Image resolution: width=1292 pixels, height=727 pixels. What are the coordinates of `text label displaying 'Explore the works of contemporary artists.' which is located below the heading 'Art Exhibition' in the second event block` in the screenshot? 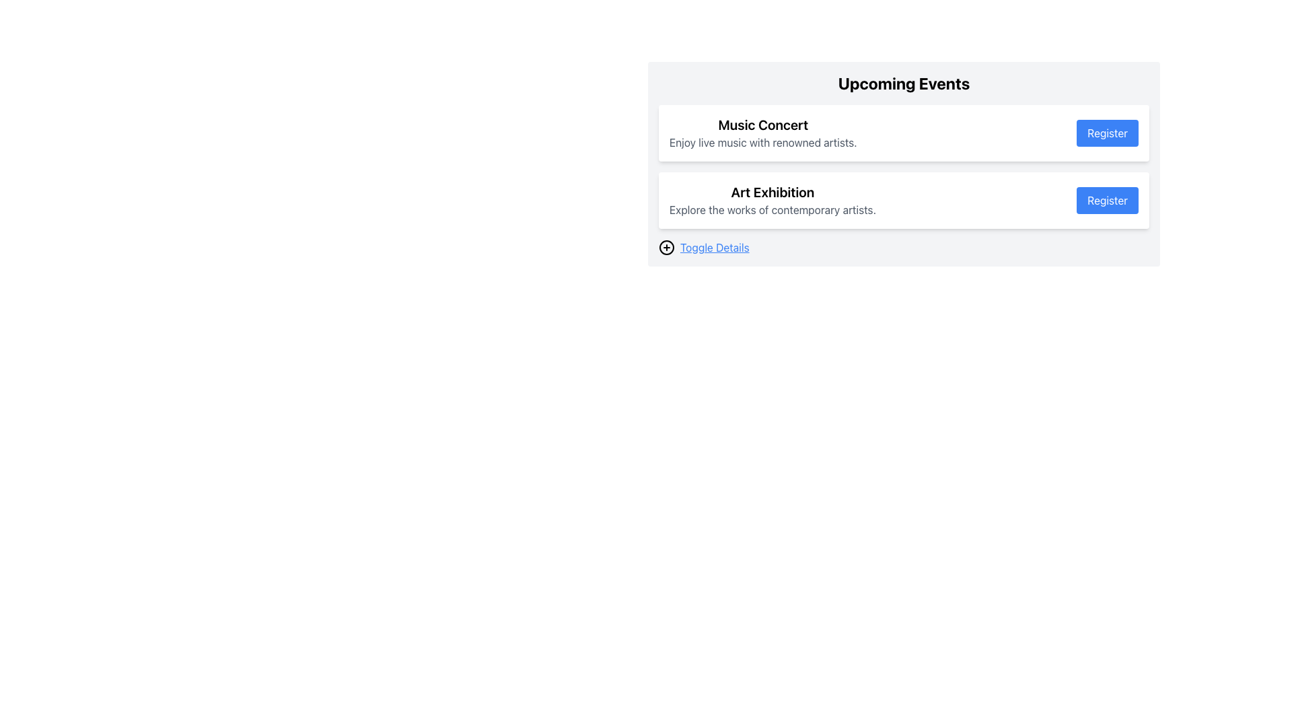 It's located at (773, 210).